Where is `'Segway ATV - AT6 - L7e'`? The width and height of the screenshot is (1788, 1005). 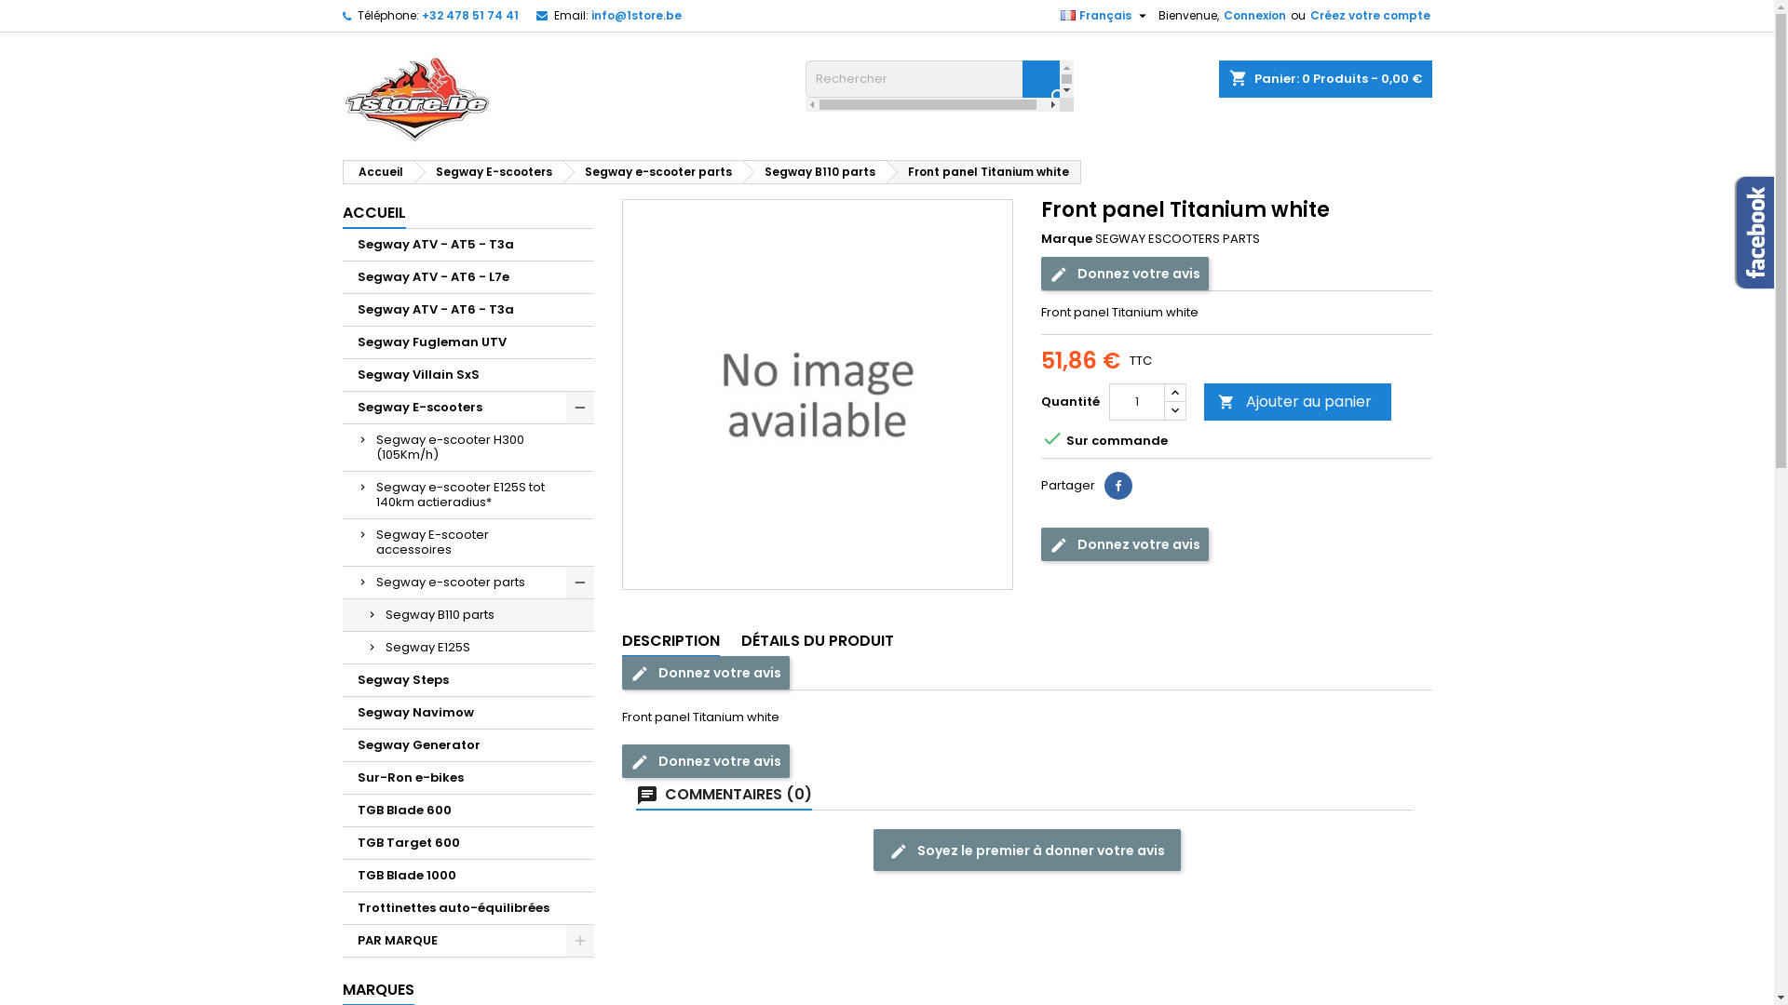
'Segway ATV - AT6 - L7e' is located at coordinates (468, 277).